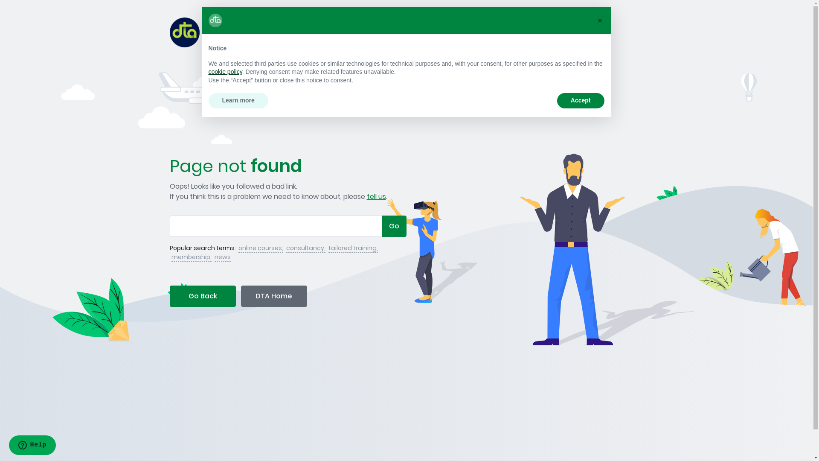 The image size is (819, 461). What do you see at coordinates (222, 257) in the screenshot?
I see `'news'` at bounding box center [222, 257].